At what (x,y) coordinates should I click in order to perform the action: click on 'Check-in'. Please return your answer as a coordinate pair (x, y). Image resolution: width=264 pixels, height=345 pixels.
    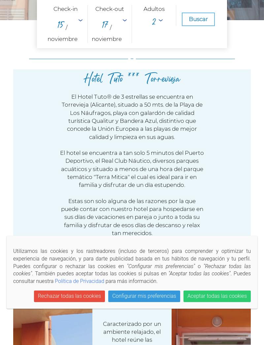
    Looking at the image, I should click on (65, 8).